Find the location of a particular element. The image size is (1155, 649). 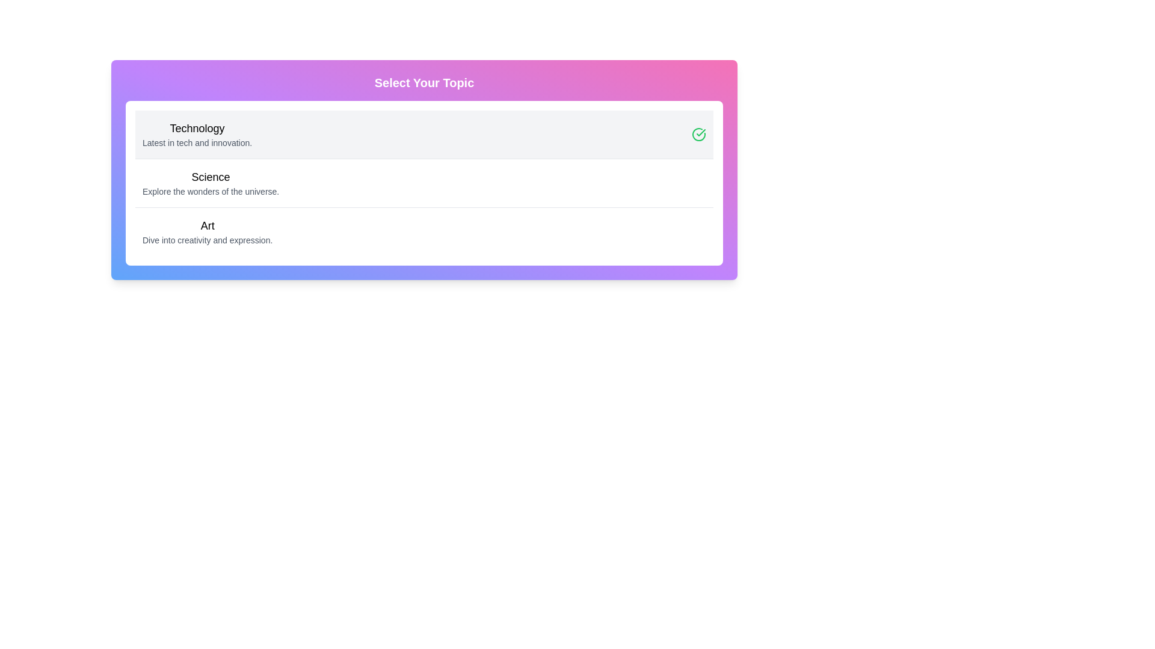

text label that identifies the 'Art' section, which is centrally aligned and located below the 'Science' section is located at coordinates (208, 225).